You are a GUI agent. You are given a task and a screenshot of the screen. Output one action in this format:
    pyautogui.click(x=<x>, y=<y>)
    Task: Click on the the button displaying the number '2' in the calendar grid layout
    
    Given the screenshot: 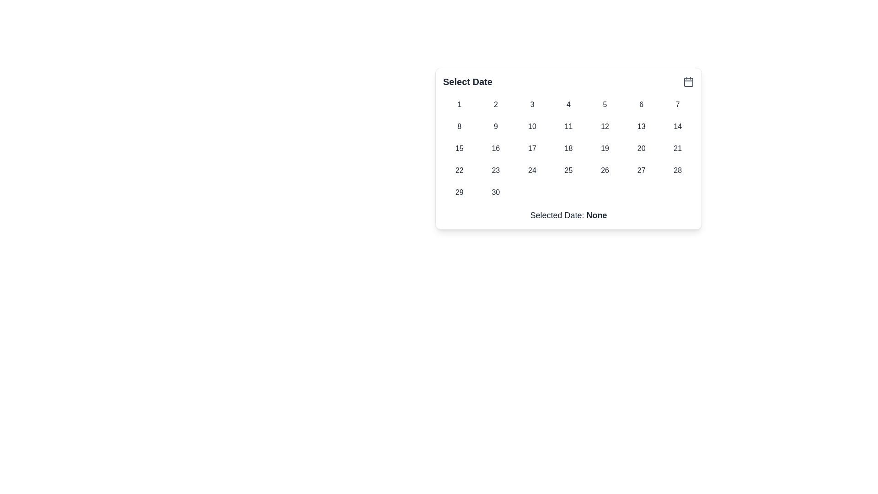 What is the action you would take?
    pyautogui.click(x=495, y=104)
    